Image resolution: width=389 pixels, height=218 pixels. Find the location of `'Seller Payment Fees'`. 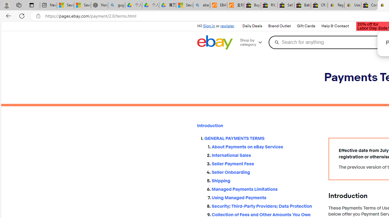

'Seller Payment Fees' is located at coordinates (265, 162).